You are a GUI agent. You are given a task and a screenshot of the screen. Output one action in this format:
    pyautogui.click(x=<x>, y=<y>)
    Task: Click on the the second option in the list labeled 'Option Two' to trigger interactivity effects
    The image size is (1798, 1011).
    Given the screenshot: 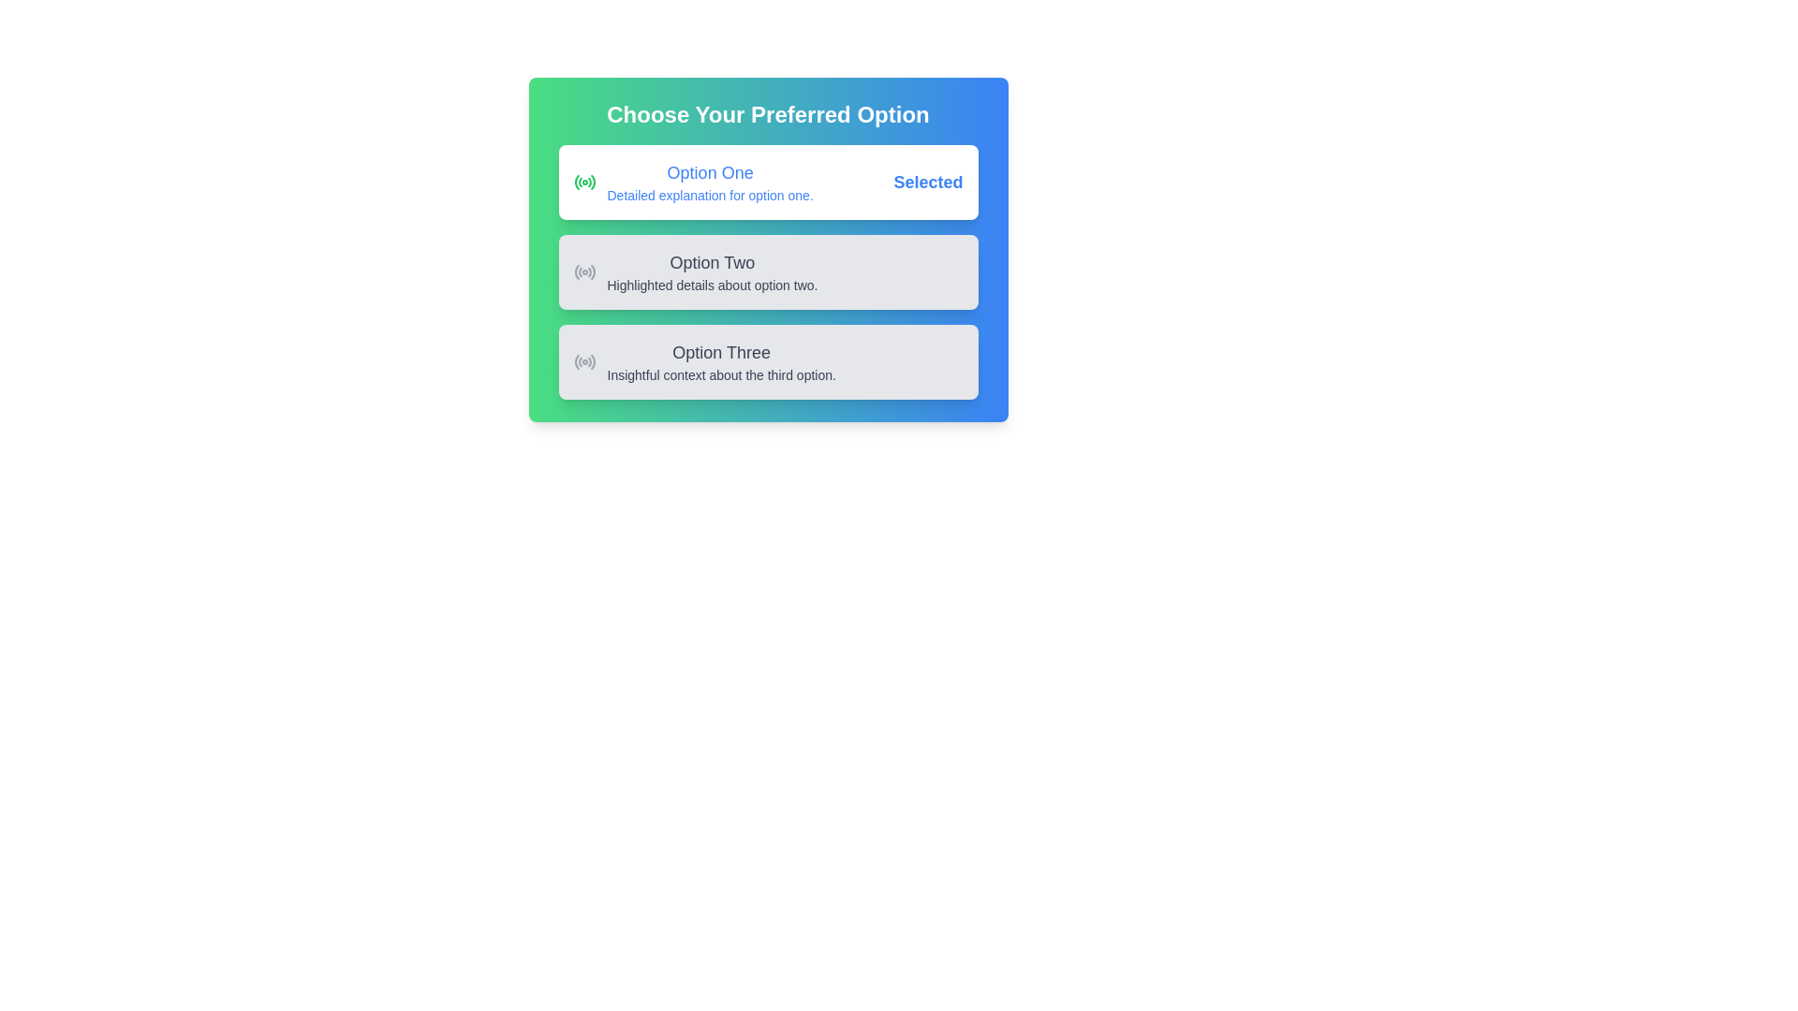 What is the action you would take?
    pyautogui.click(x=768, y=248)
    